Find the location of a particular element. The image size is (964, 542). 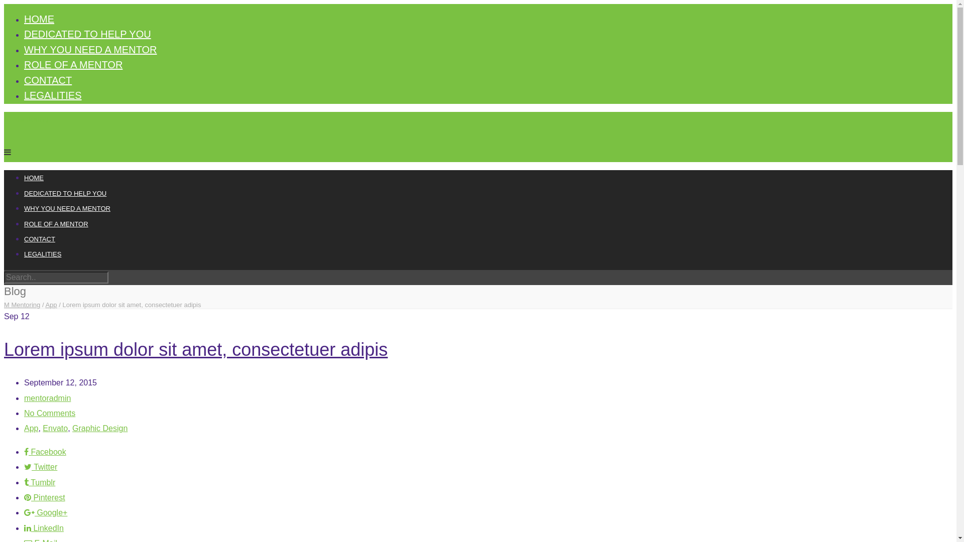

'Facebook' is located at coordinates (45, 452).